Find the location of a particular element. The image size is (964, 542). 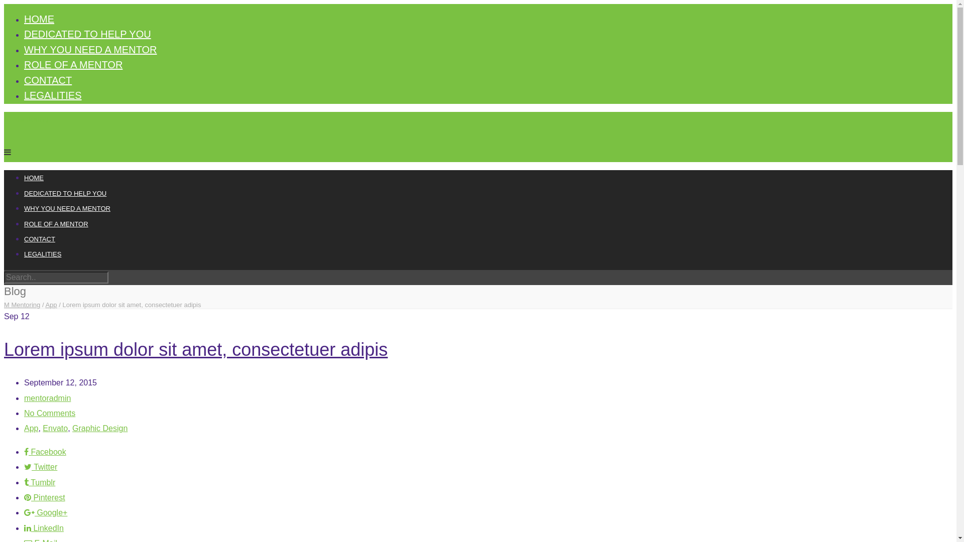

'Facebook' is located at coordinates (45, 452).